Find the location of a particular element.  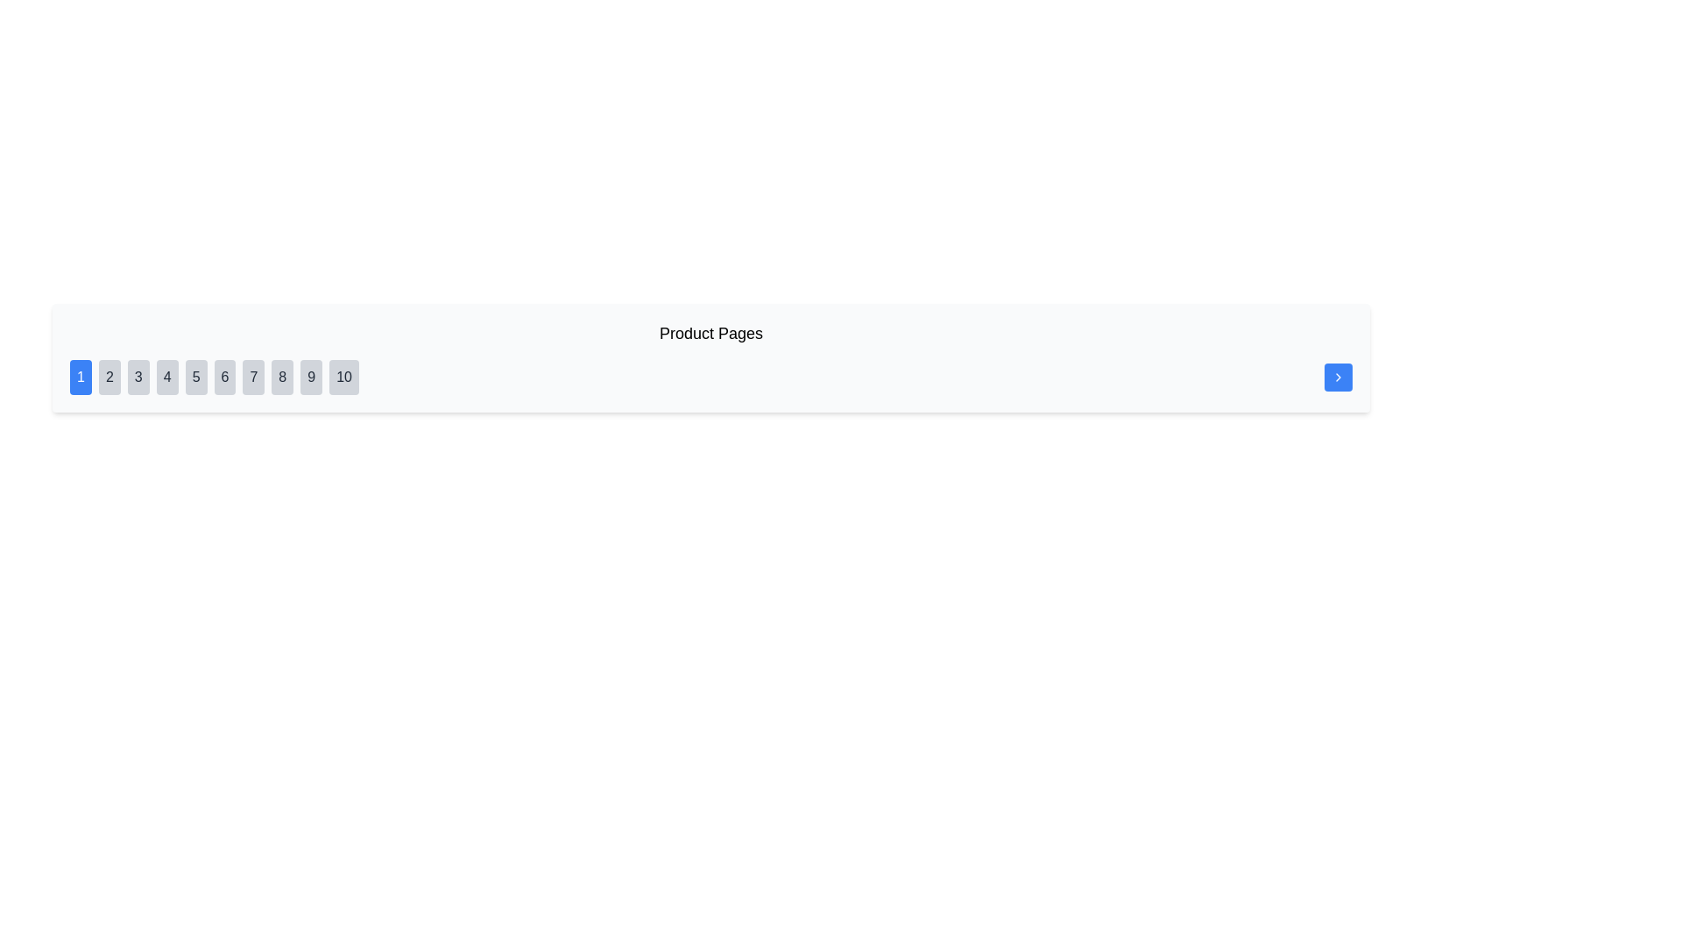

the button labeled '7' which has a gray background and rounded corners is located at coordinates (252, 377).